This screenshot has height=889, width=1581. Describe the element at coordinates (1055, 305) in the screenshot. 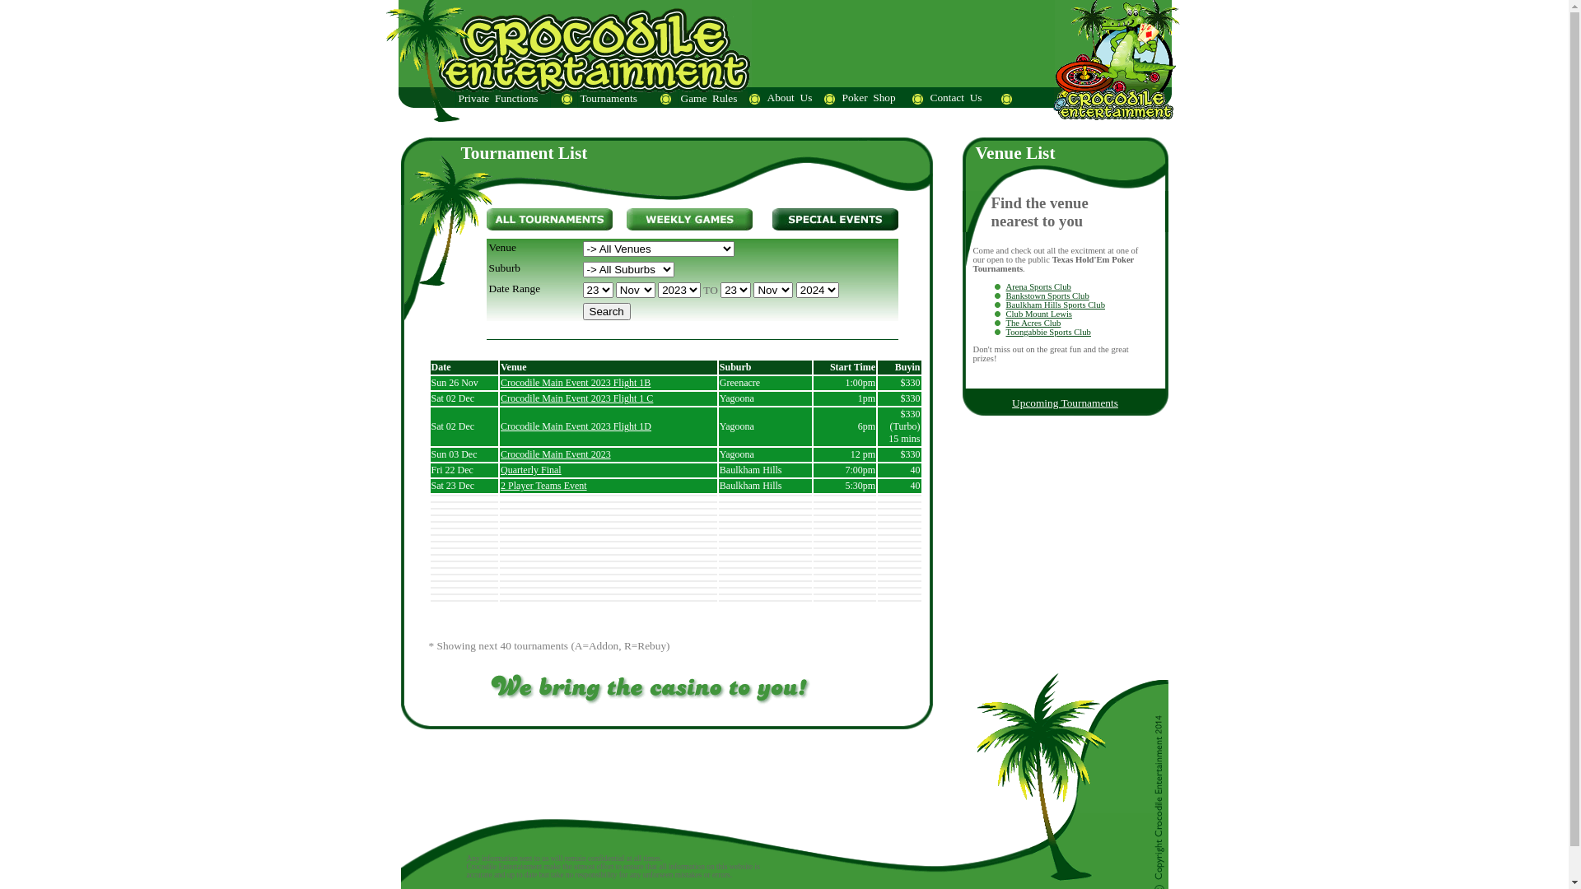

I see `'Baulkham Hills Sports Club'` at that location.